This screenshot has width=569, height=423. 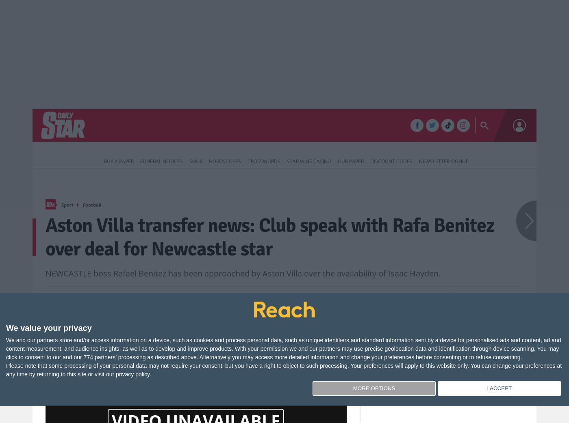 I want to click on 'You can find this story in', so click(x=259, y=363).